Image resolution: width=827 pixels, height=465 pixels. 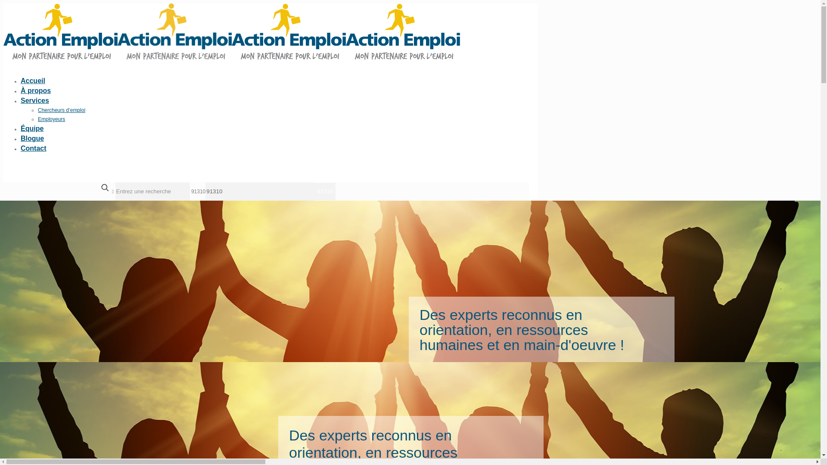 I want to click on 'Services', so click(x=34, y=100).